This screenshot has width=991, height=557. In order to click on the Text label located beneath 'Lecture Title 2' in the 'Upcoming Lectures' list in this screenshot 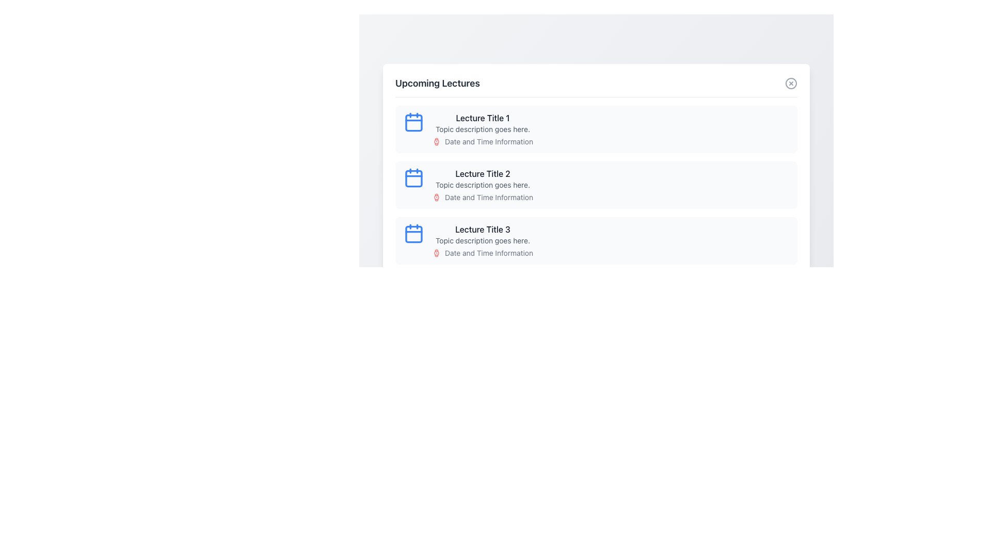, I will do `click(482, 184)`.